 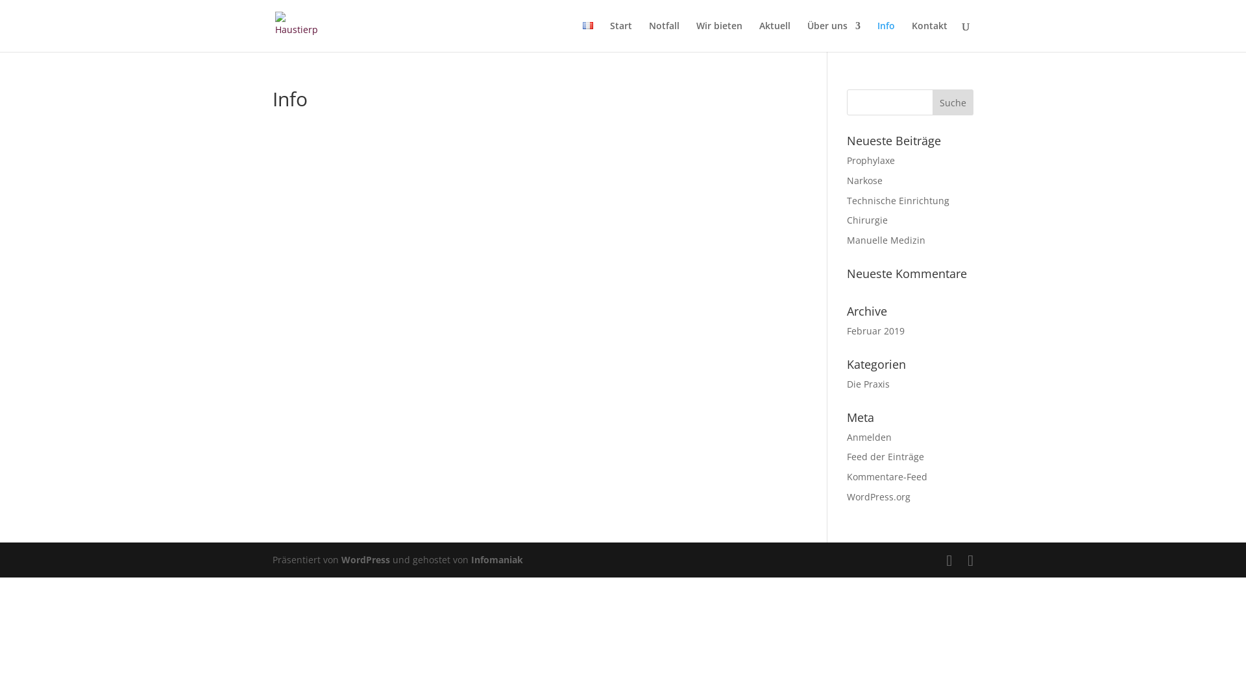 I want to click on 'Kommentare-Feed', so click(x=886, y=476).